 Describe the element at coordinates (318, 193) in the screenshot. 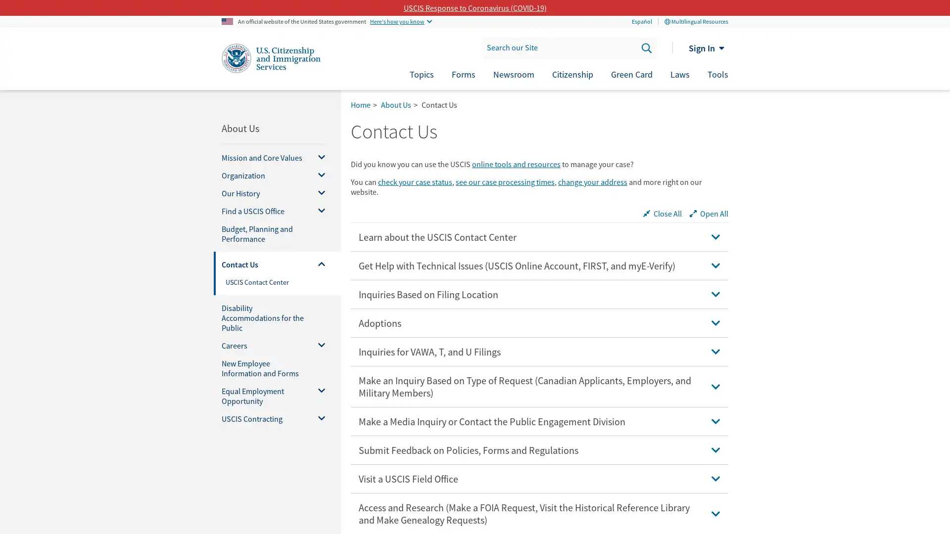

I see `Toggle menu for Our History` at that location.